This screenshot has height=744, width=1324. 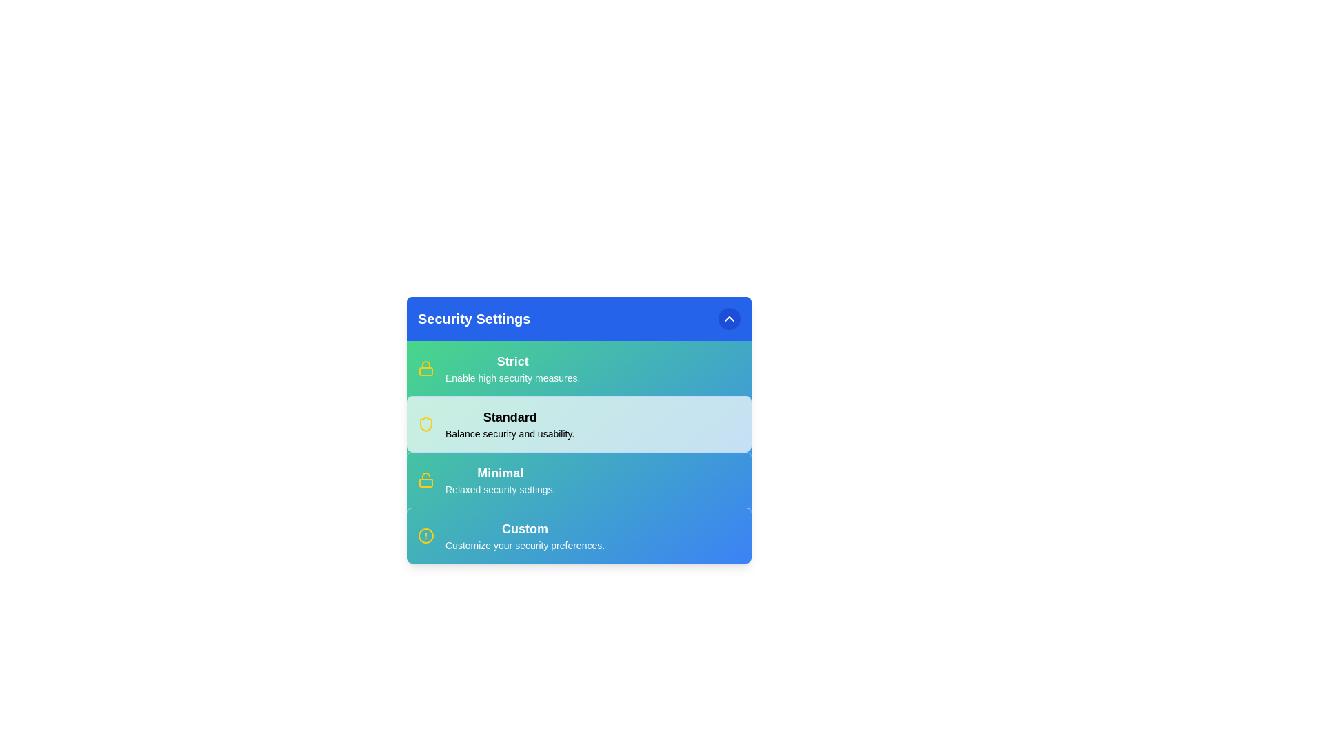 What do you see at coordinates (509, 424) in the screenshot?
I see `the security option Standard from the menu` at bounding box center [509, 424].